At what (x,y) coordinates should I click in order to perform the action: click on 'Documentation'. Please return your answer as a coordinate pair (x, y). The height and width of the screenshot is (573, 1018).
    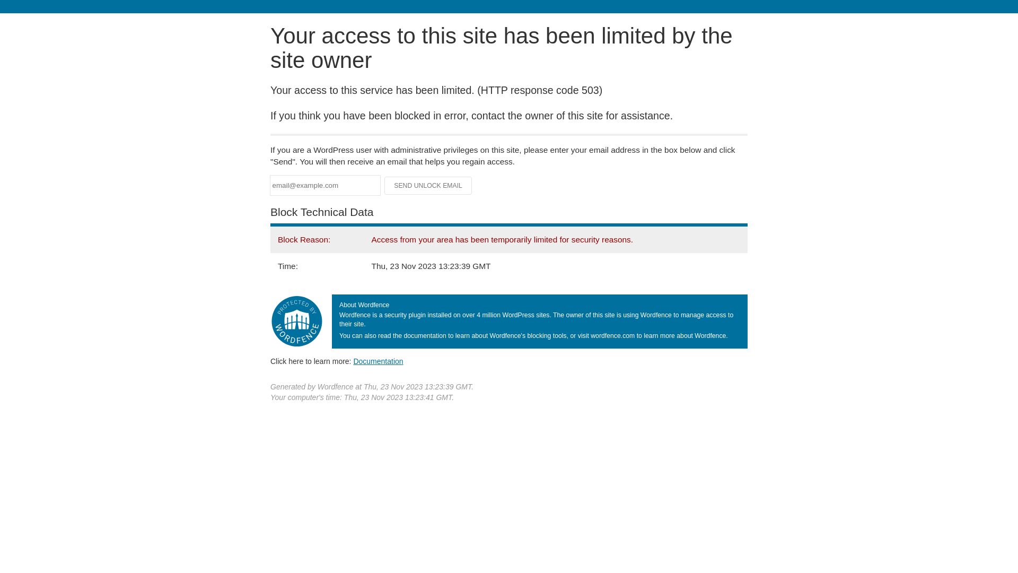
    Looking at the image, I should click on (378, 361).